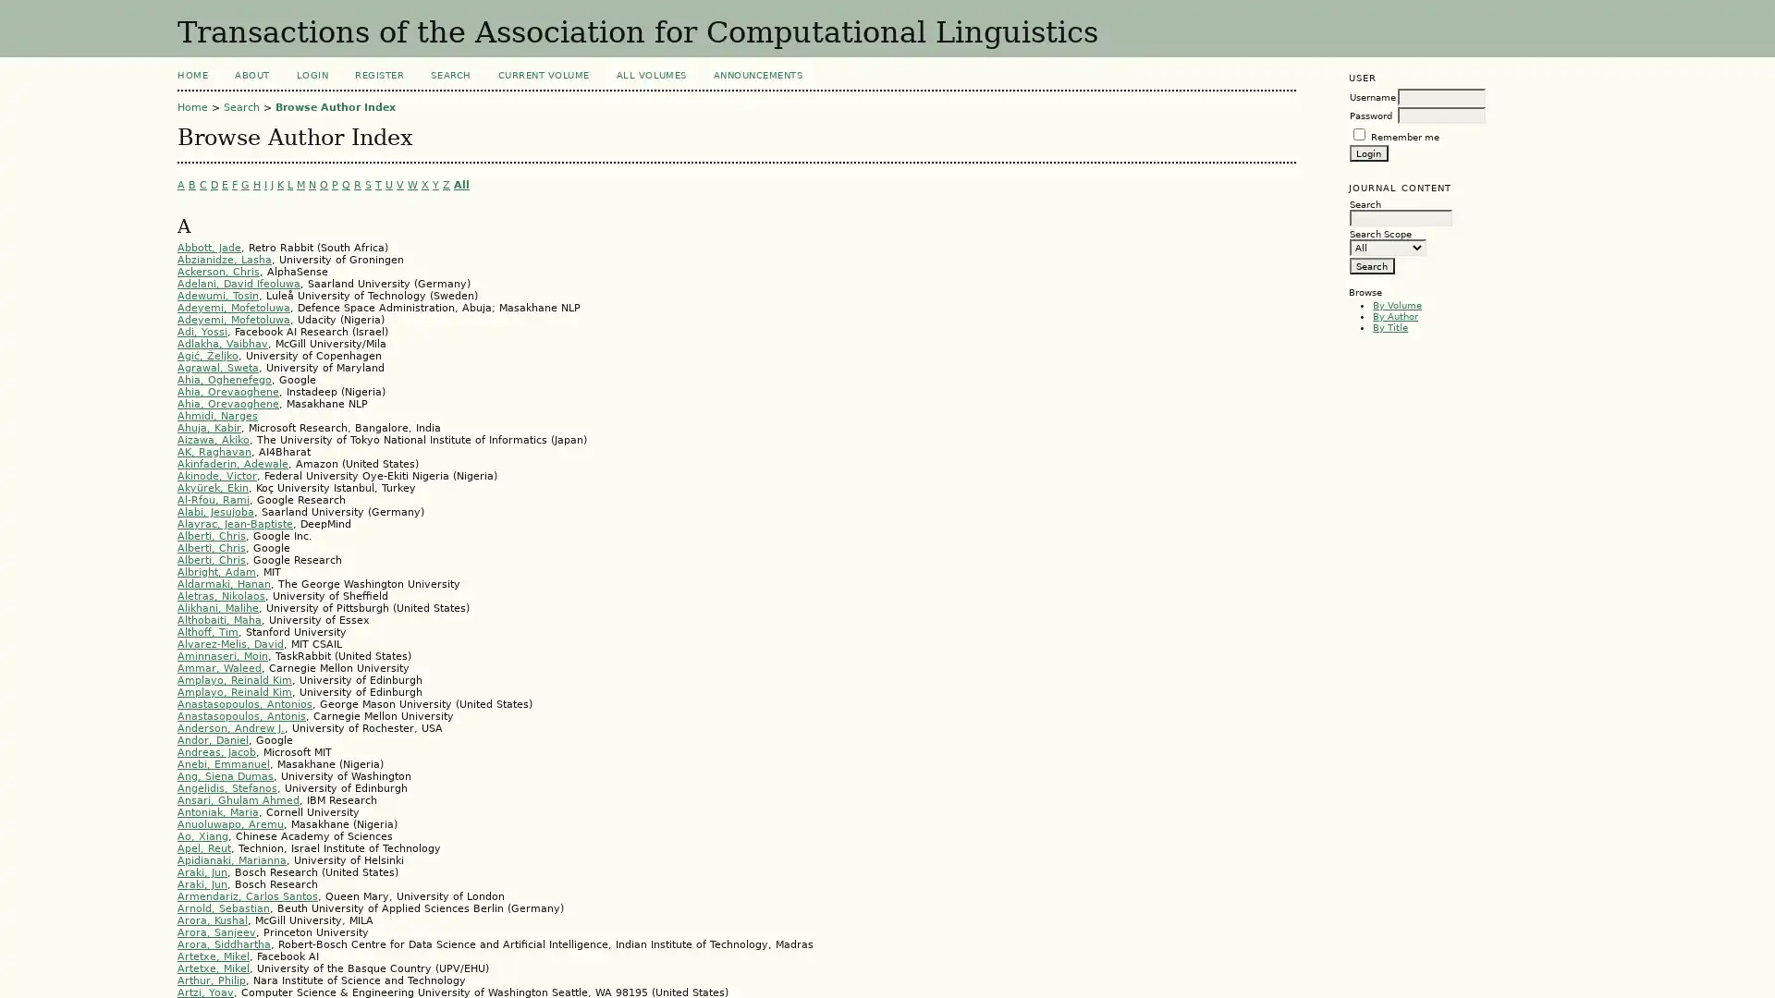  I want to click on Login, so click(1368, 152).